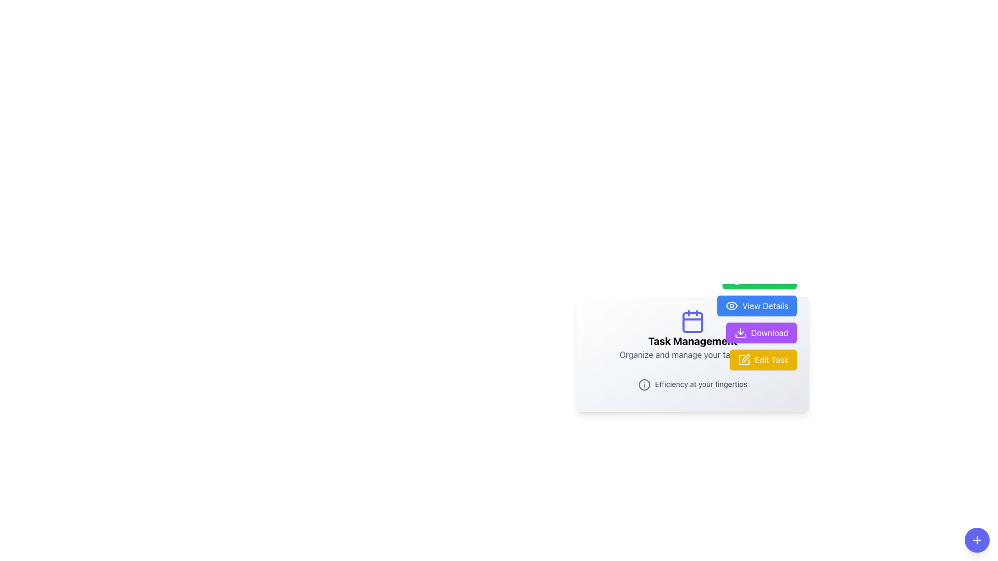 This screenshot has width=998, height=561. I want to click on the informational icon located near the bottom-left corner of the main card layout, which is associated with the text 'Efficiency at your fingertips.', so click(644, 384).